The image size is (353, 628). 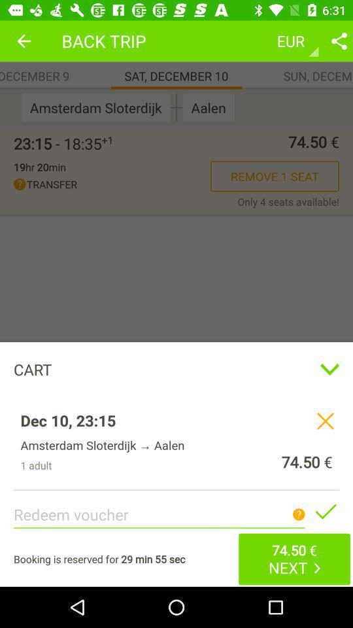 What do you see at coordinates (24, 41) in the screenshot?
I see `item next to back trip item` at bounding box center [24, 41].